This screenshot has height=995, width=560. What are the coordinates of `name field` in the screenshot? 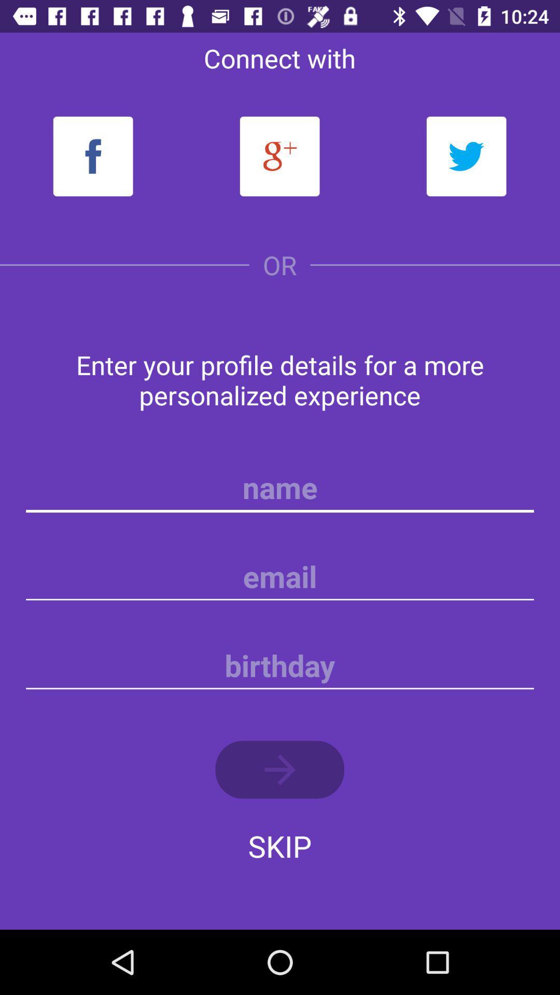 It's located at (280, 487).